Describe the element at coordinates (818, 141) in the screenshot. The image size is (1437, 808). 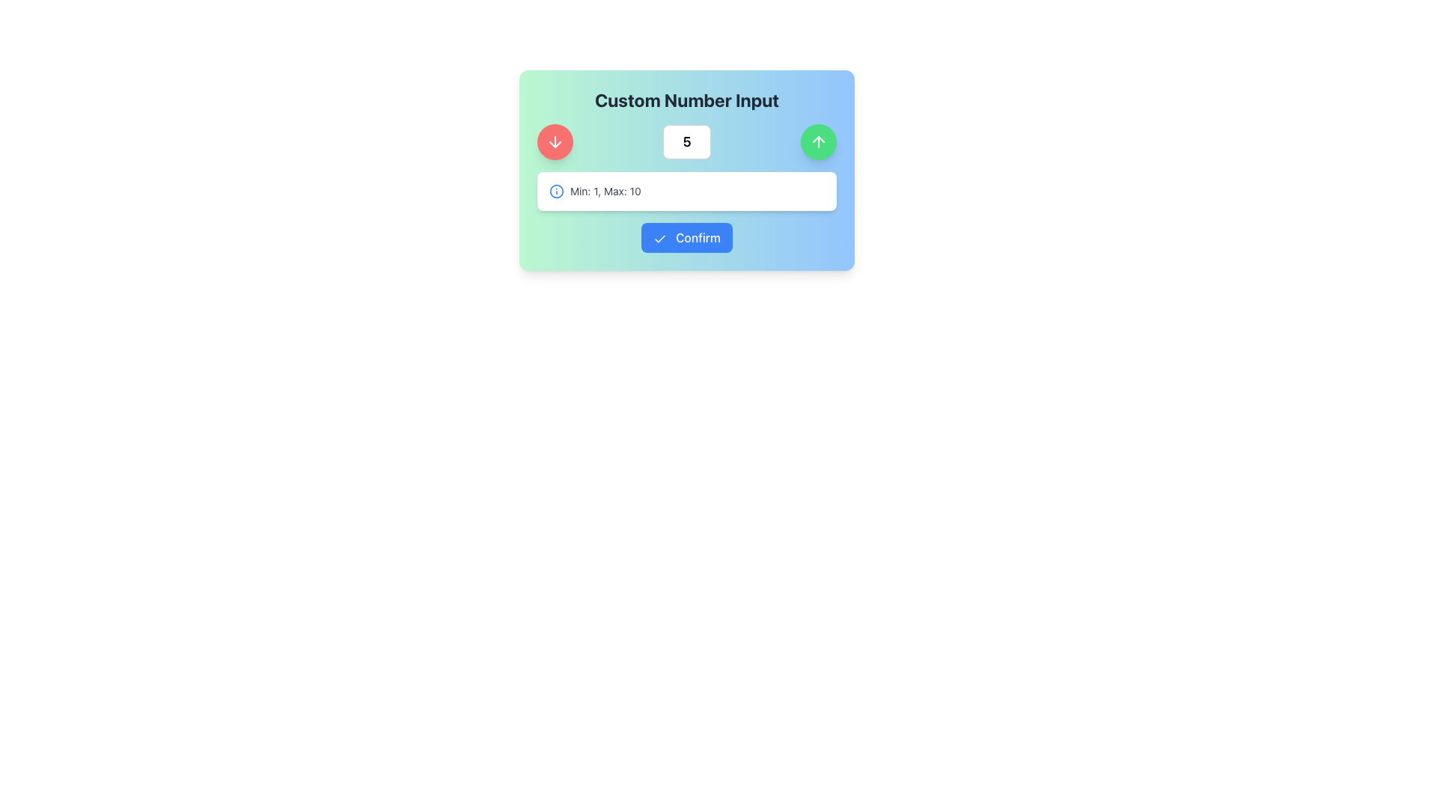
I see `the upwards arrow icon embedded within the circular green button` at that location.